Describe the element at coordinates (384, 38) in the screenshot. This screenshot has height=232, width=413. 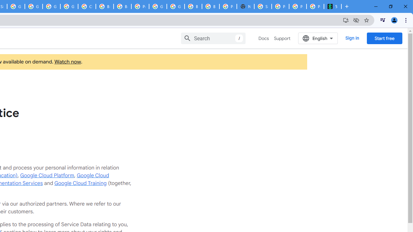
I see `'Start free'` at that location.